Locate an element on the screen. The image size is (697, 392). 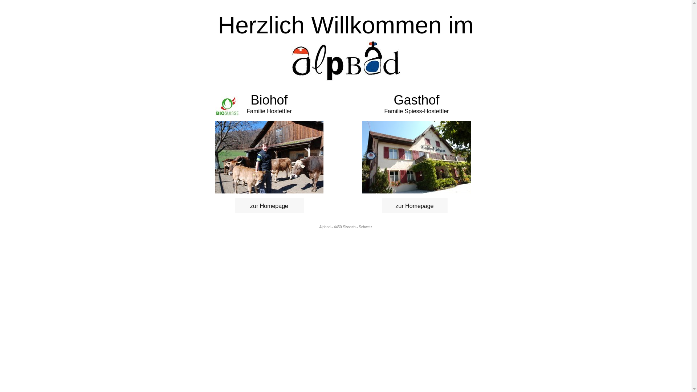
'Gasthof' is located at coordinates (416, 100).